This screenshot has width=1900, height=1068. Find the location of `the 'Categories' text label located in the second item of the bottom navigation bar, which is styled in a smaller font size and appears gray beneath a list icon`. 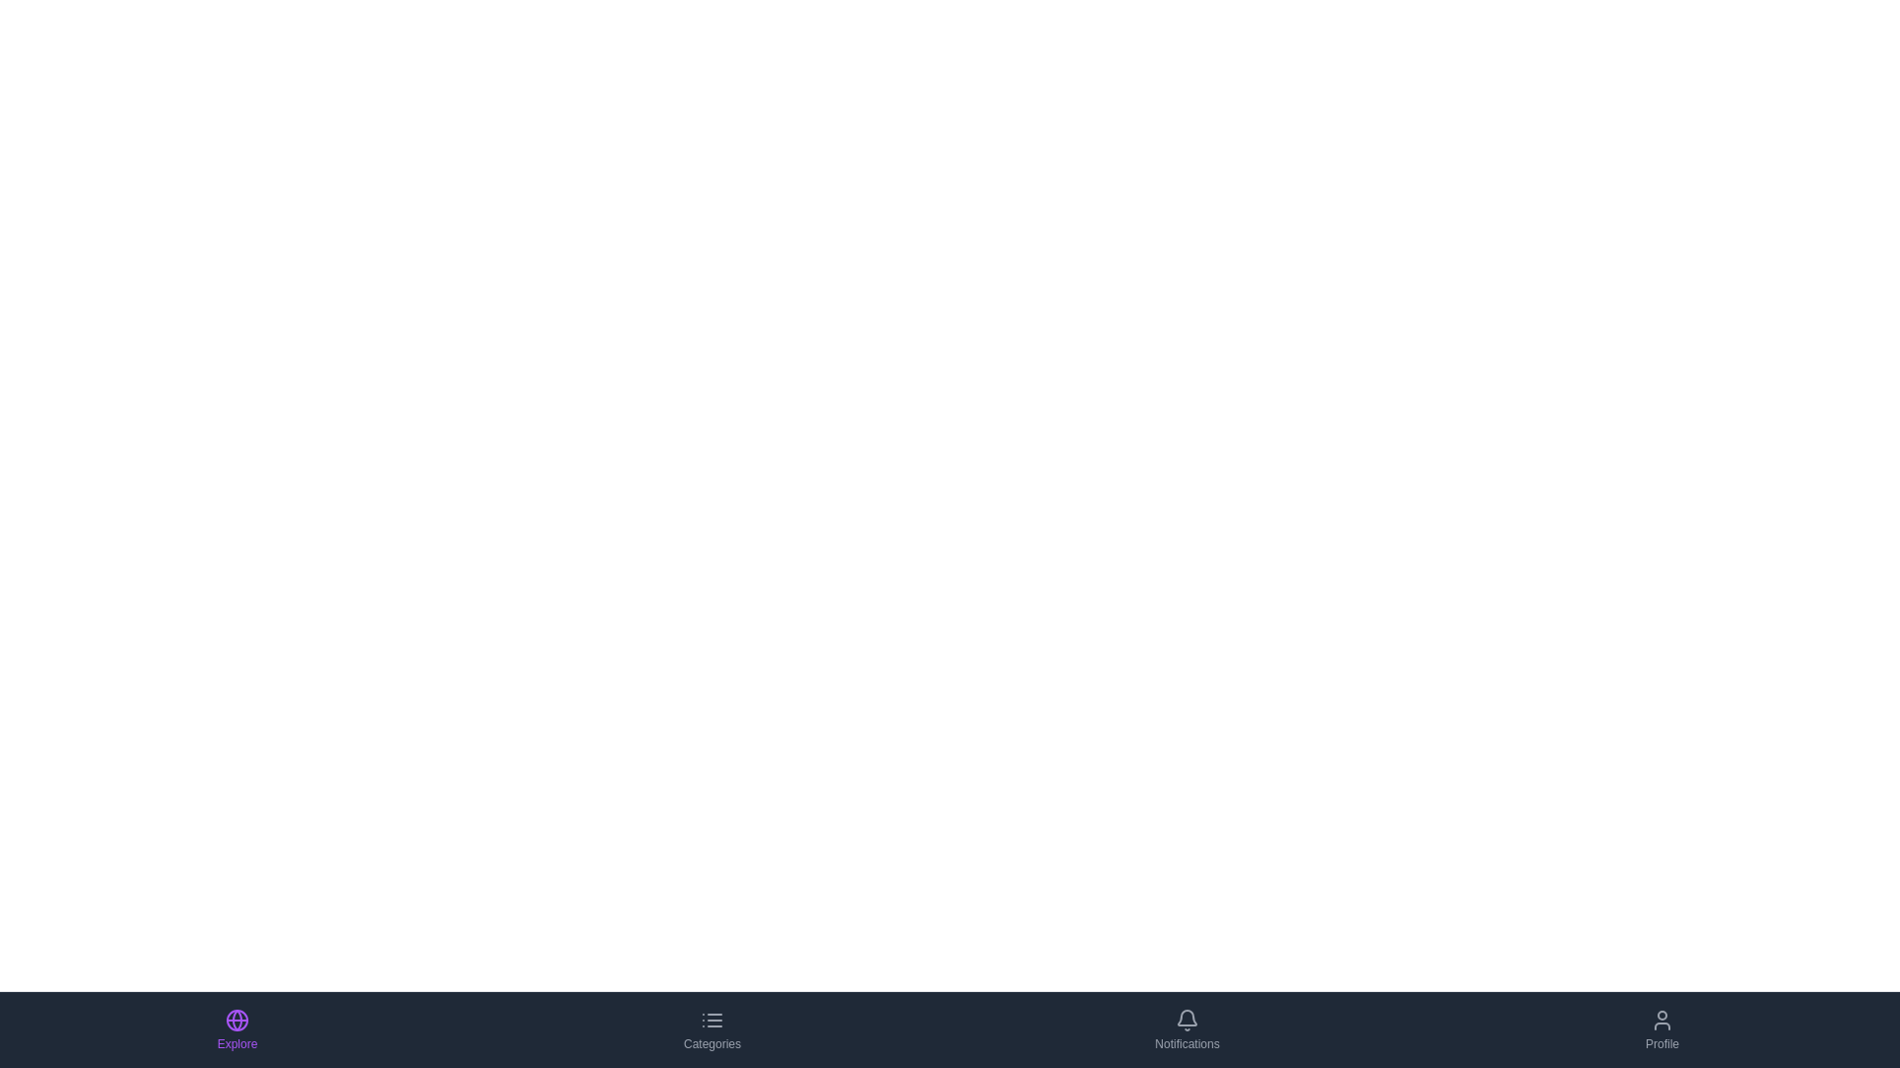

the 'Categories' text label located in the second item of the bottom navigation bar, which is styled in a smaller font size and appears gray beneath a list icon is located at coordinates (712, 1043).